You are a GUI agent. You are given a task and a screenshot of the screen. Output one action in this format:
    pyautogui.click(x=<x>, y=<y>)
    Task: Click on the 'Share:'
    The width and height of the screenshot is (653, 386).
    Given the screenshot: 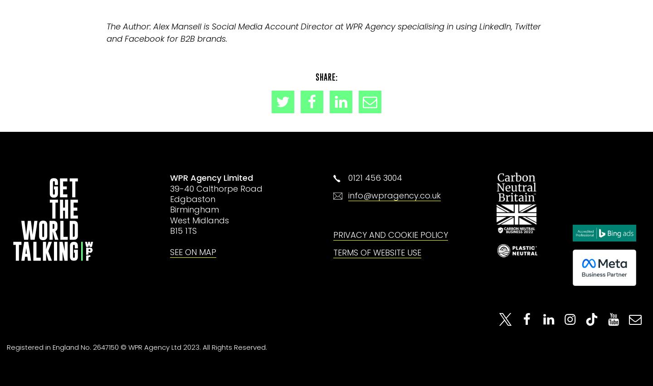 What is the action you would take?
    pyautogui.click(x=326, y=76)
    